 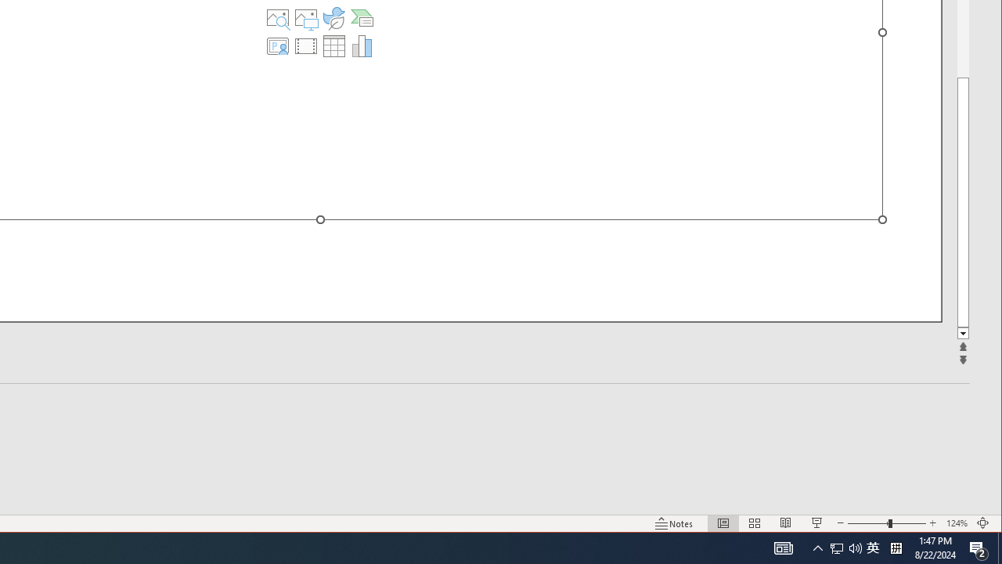 I want to click on 'Insert Video', so click(x=306, y=45).